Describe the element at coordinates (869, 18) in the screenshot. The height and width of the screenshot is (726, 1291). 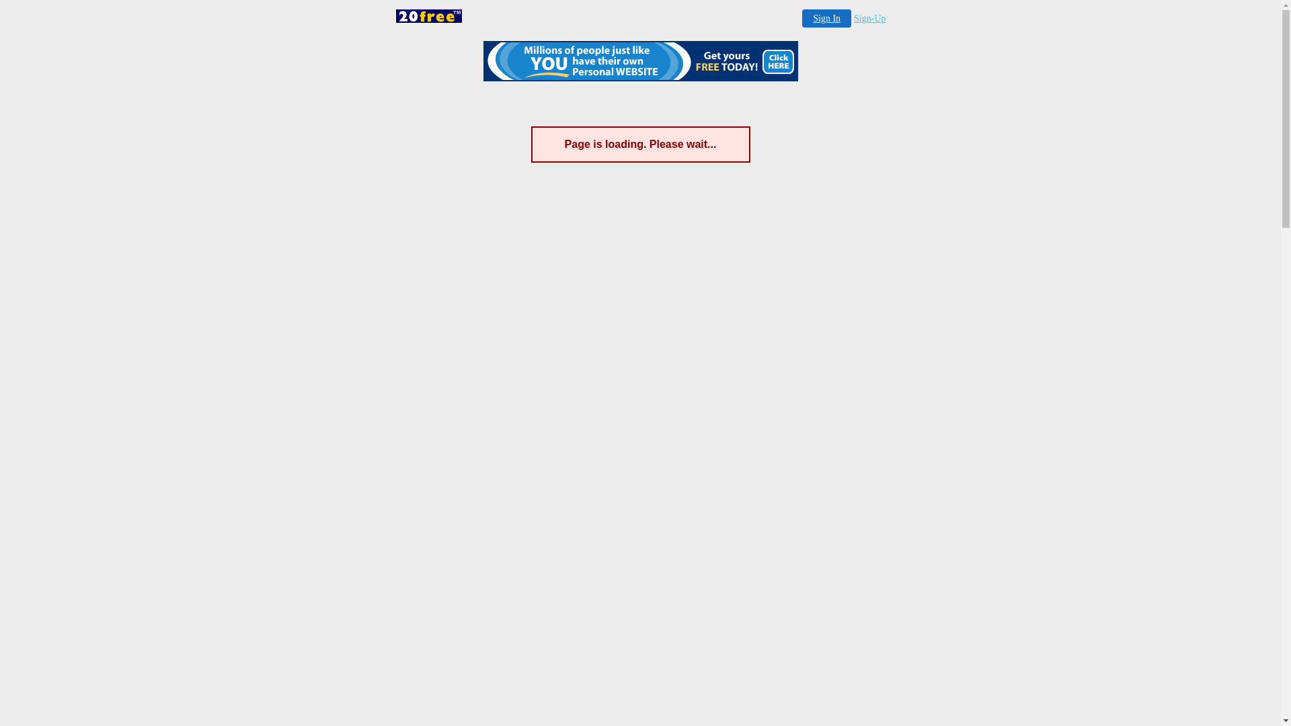
I see `'Sign-Up'` at that location.